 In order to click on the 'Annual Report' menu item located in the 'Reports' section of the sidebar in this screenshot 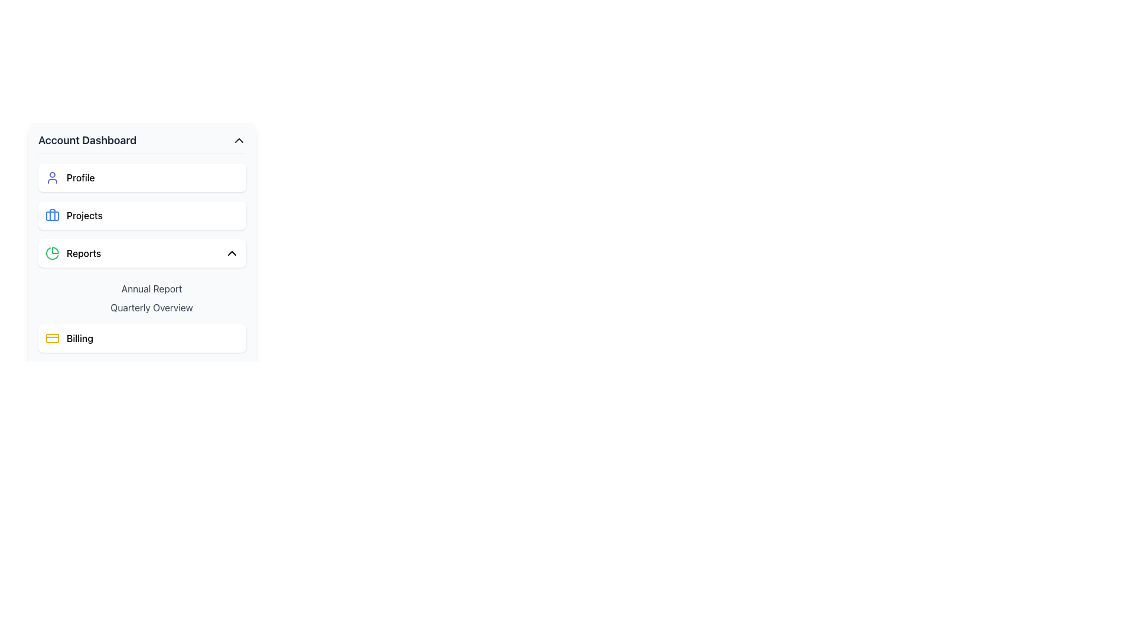, I will do `click(142, 295)`.